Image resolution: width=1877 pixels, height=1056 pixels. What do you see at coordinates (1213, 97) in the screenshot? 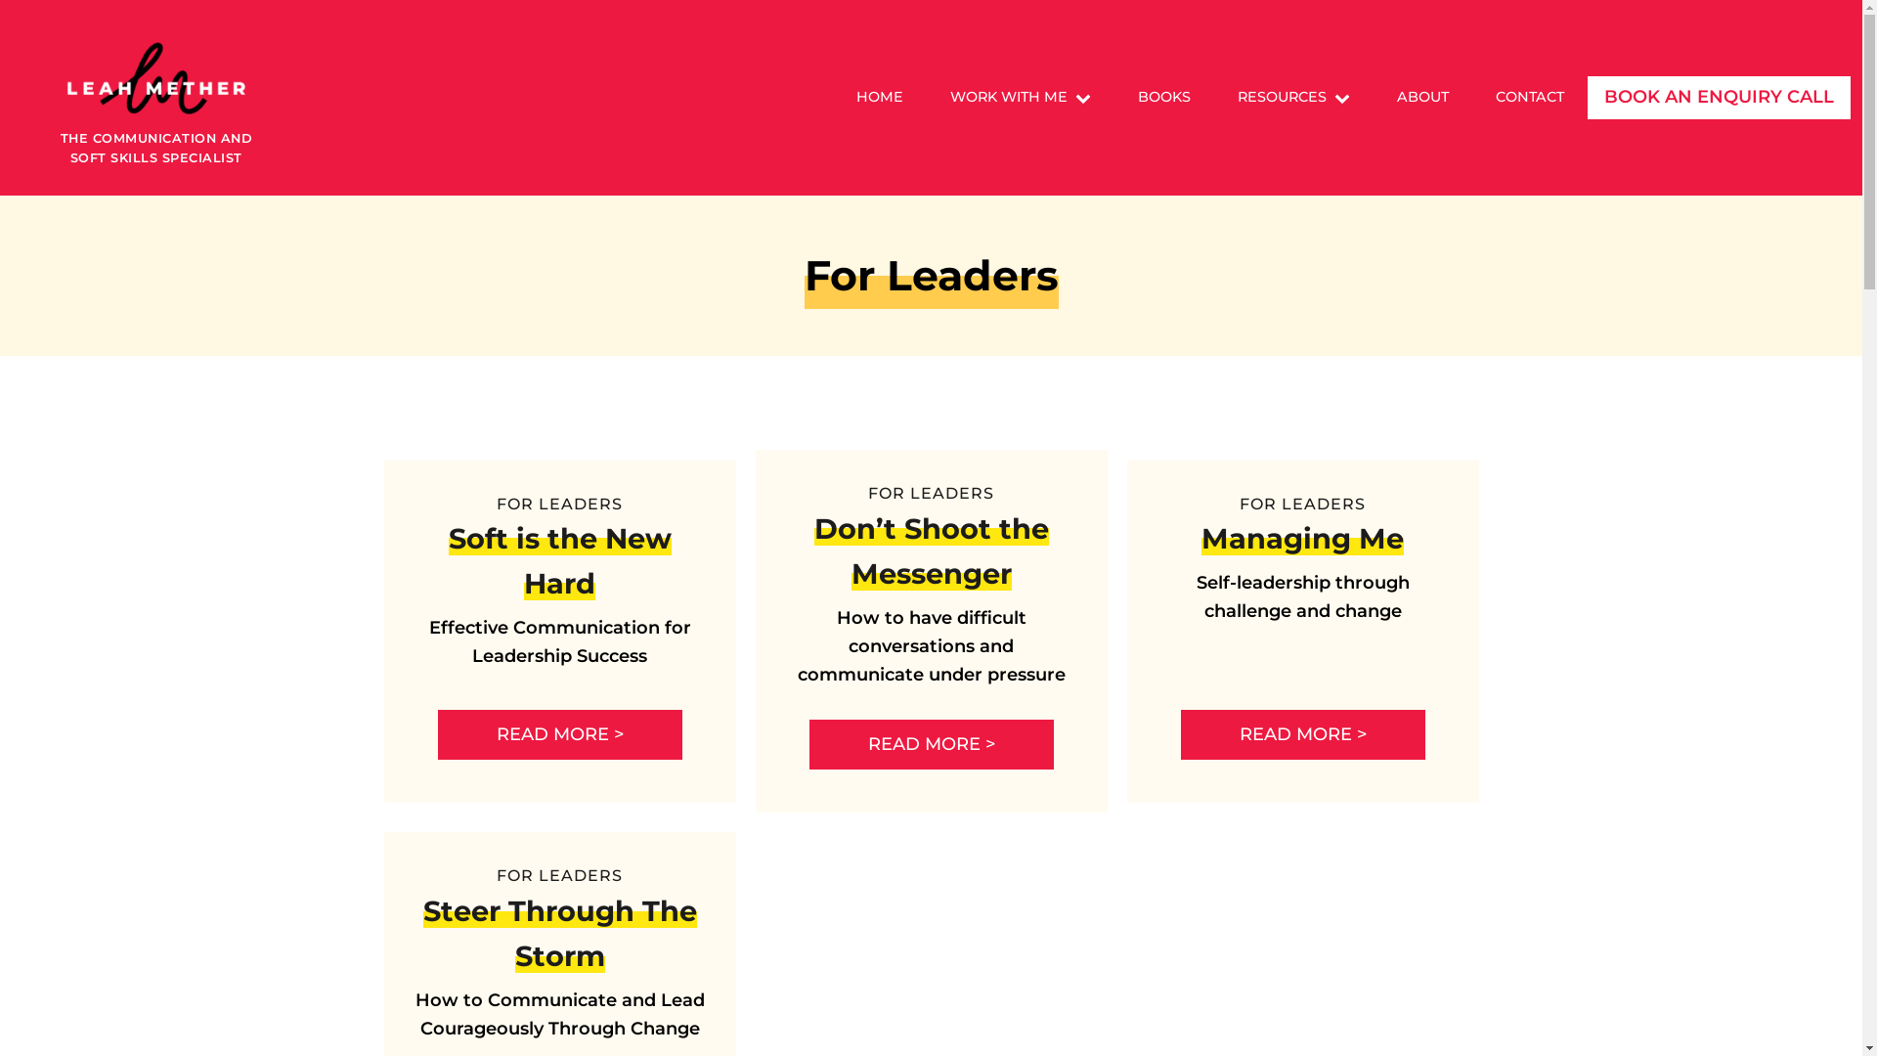
I see `'RESOURCES'` at bounding box center [1213, 97].